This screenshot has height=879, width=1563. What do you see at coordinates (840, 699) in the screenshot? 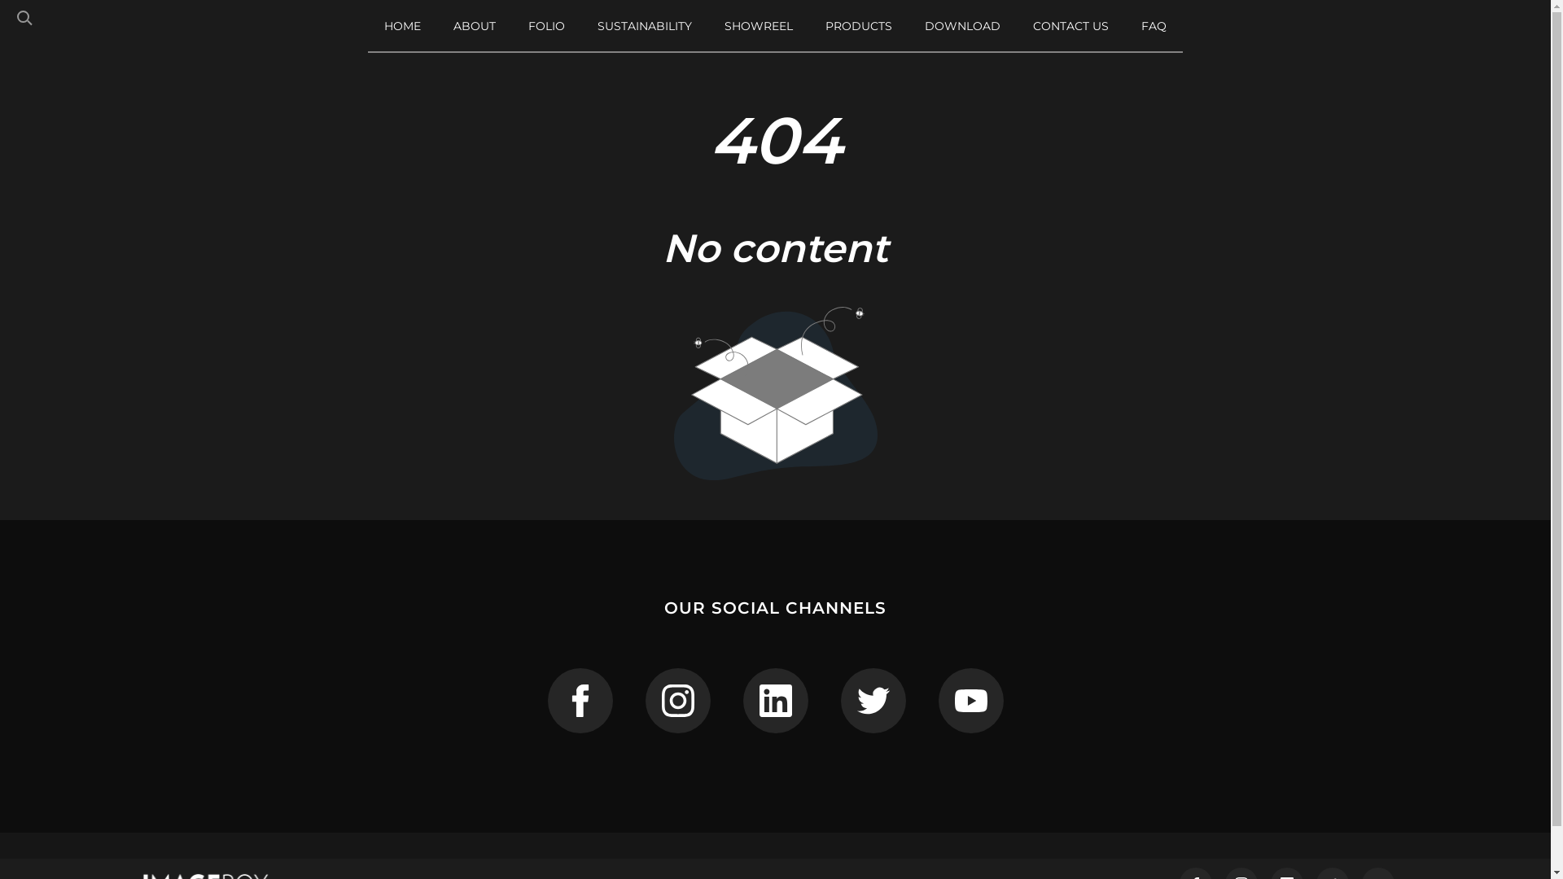
I see `'ImageBox on Twitter'` at bounding box center [840, 699].